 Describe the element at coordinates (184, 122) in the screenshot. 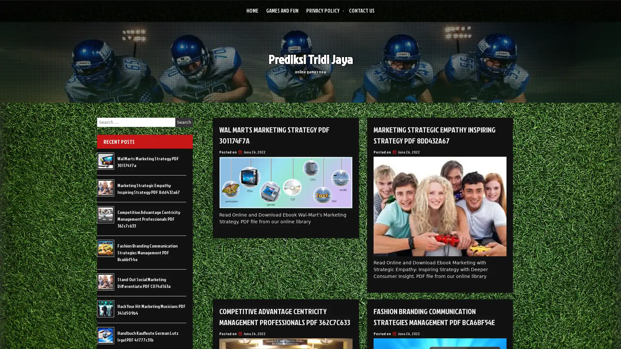

I see `Search` at that location.